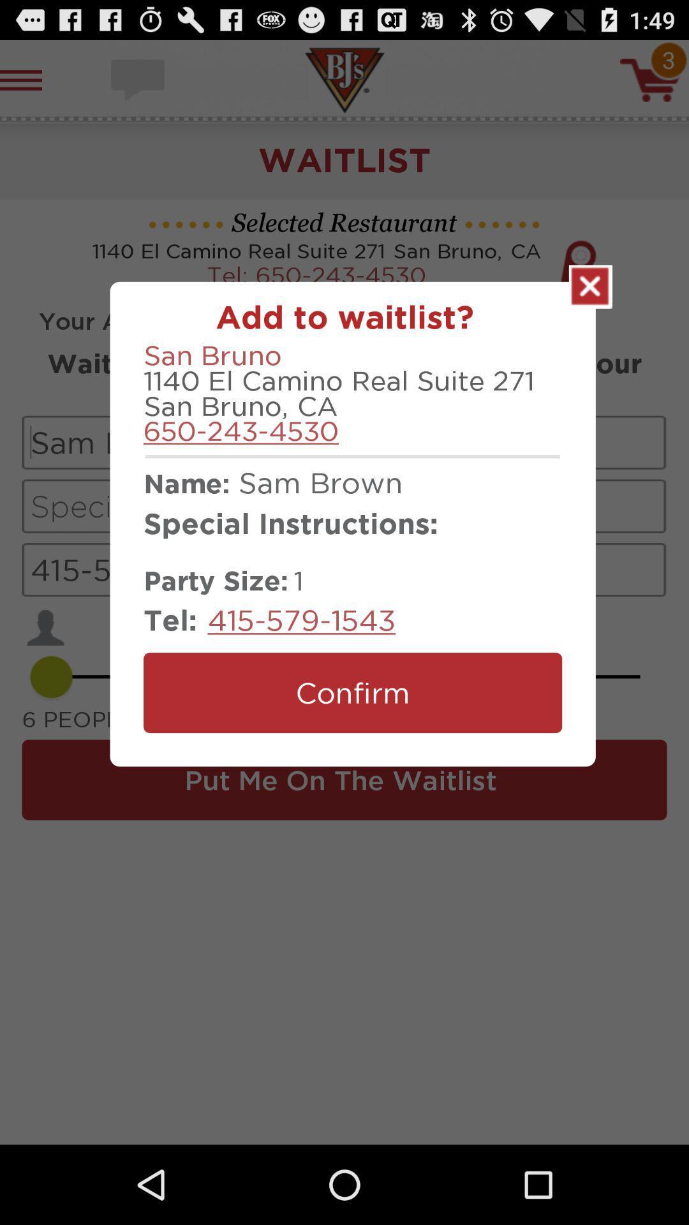  I want to click on 415-579-1543 item, so click(301, 620).